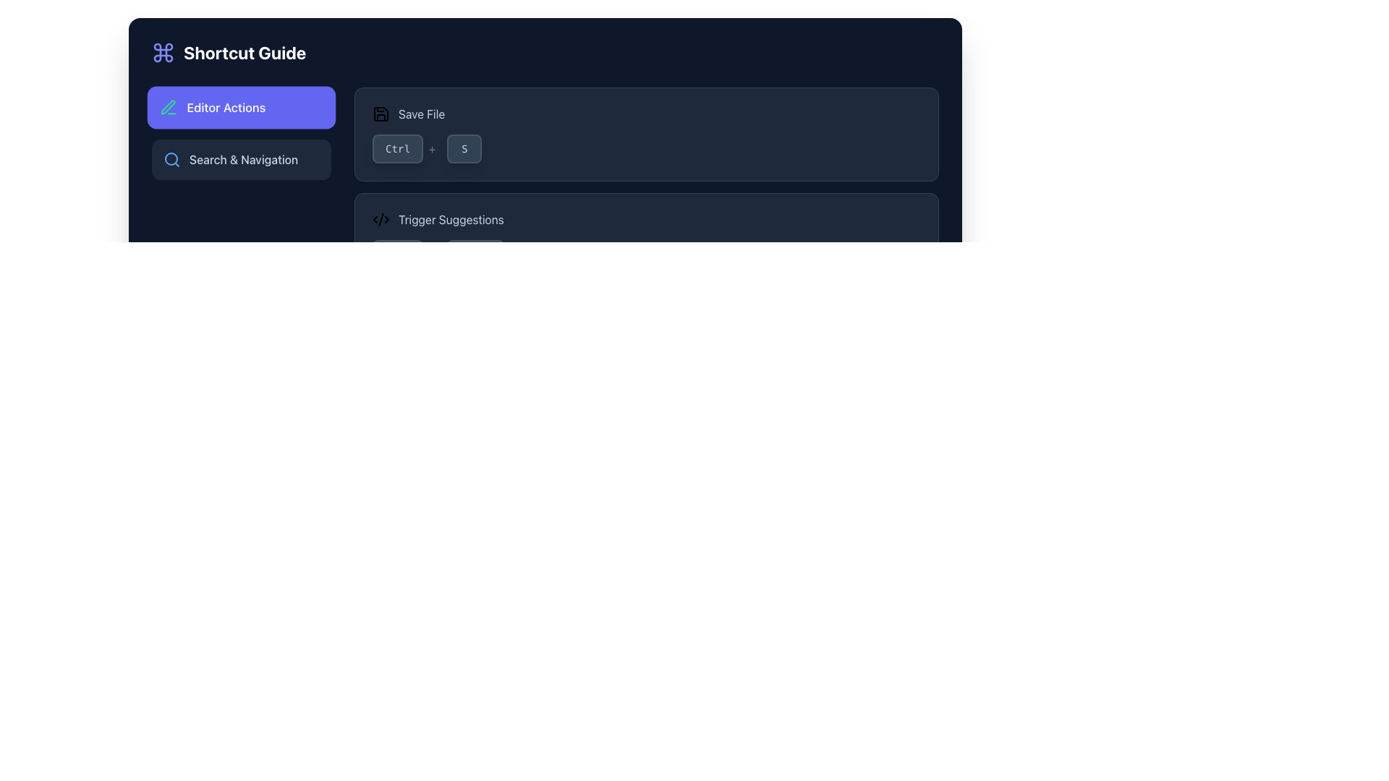 This screenshot has height=781, width=1389. Describe the element at coordinates (172, 159) in the screenshot. I see `the search icon located at the left end of the 'Search & Navigation' button to activate a tooltip or highlight it` at that location.